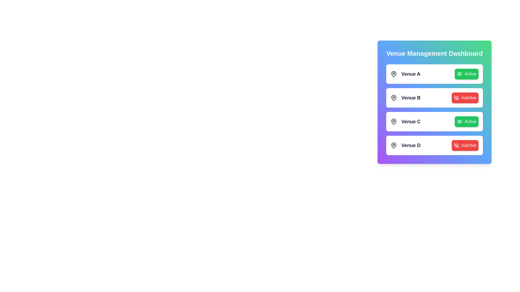 This screenshot has height=292, width=520. What do you see at coordinates (465, 145) in the screenshot?
I see `the venue status button for Venue D` at bounding box center [465, 145].